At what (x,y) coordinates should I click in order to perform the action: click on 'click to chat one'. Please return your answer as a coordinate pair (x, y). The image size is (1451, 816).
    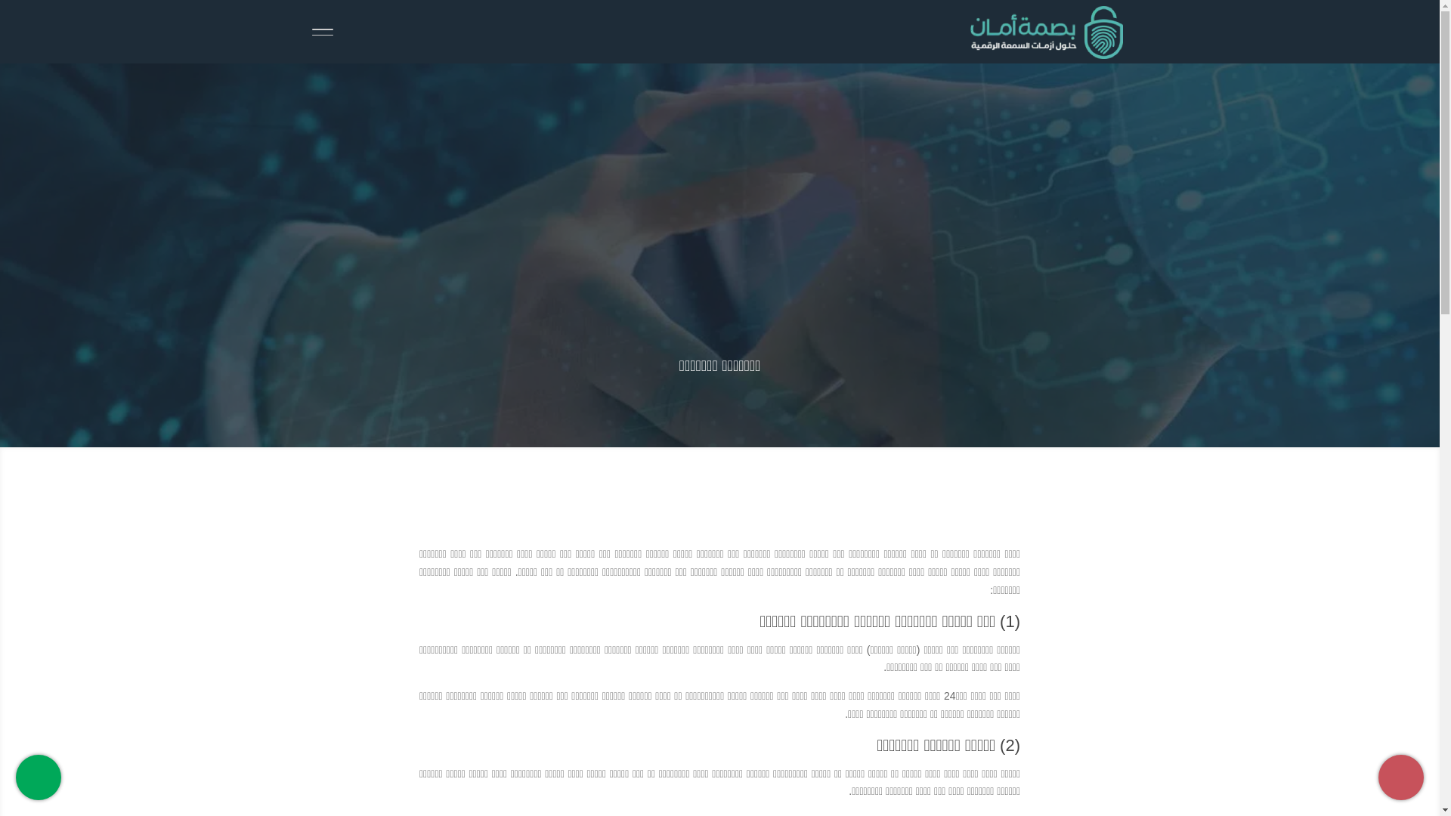
    Looking at the image, I should click on (15, 777).